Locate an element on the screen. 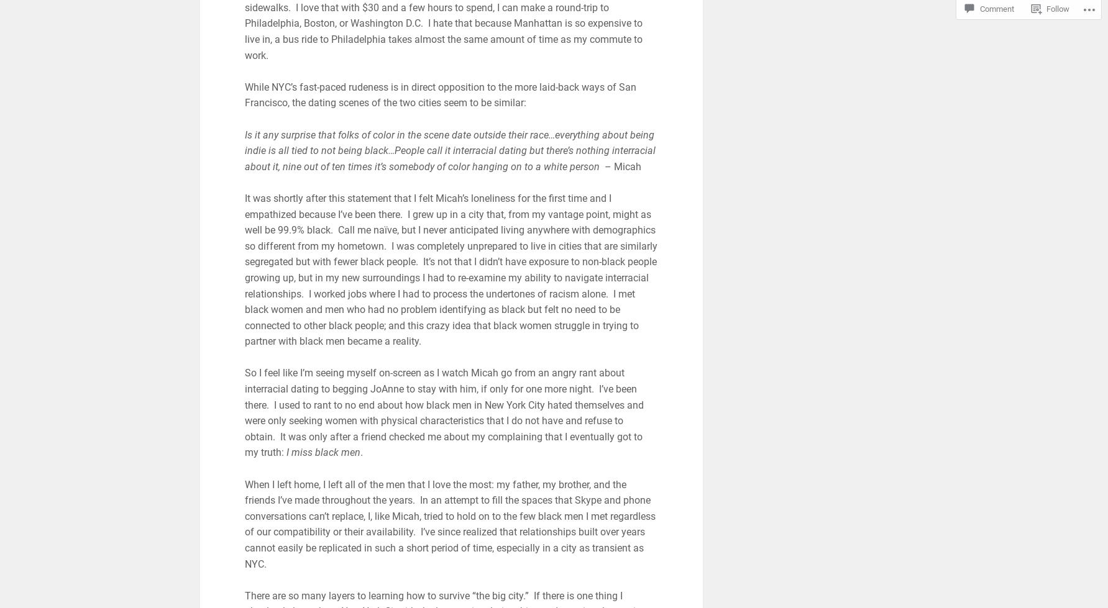  'Is it any surprise that folks of color in the scene date outside their race…everything about being indie is all tied to not being black…People call it interracial dating but there’s nothing interracial about it, nine out of ten times it’s somebody of color hanging on to a white person' is located at coordinates (449, 150).